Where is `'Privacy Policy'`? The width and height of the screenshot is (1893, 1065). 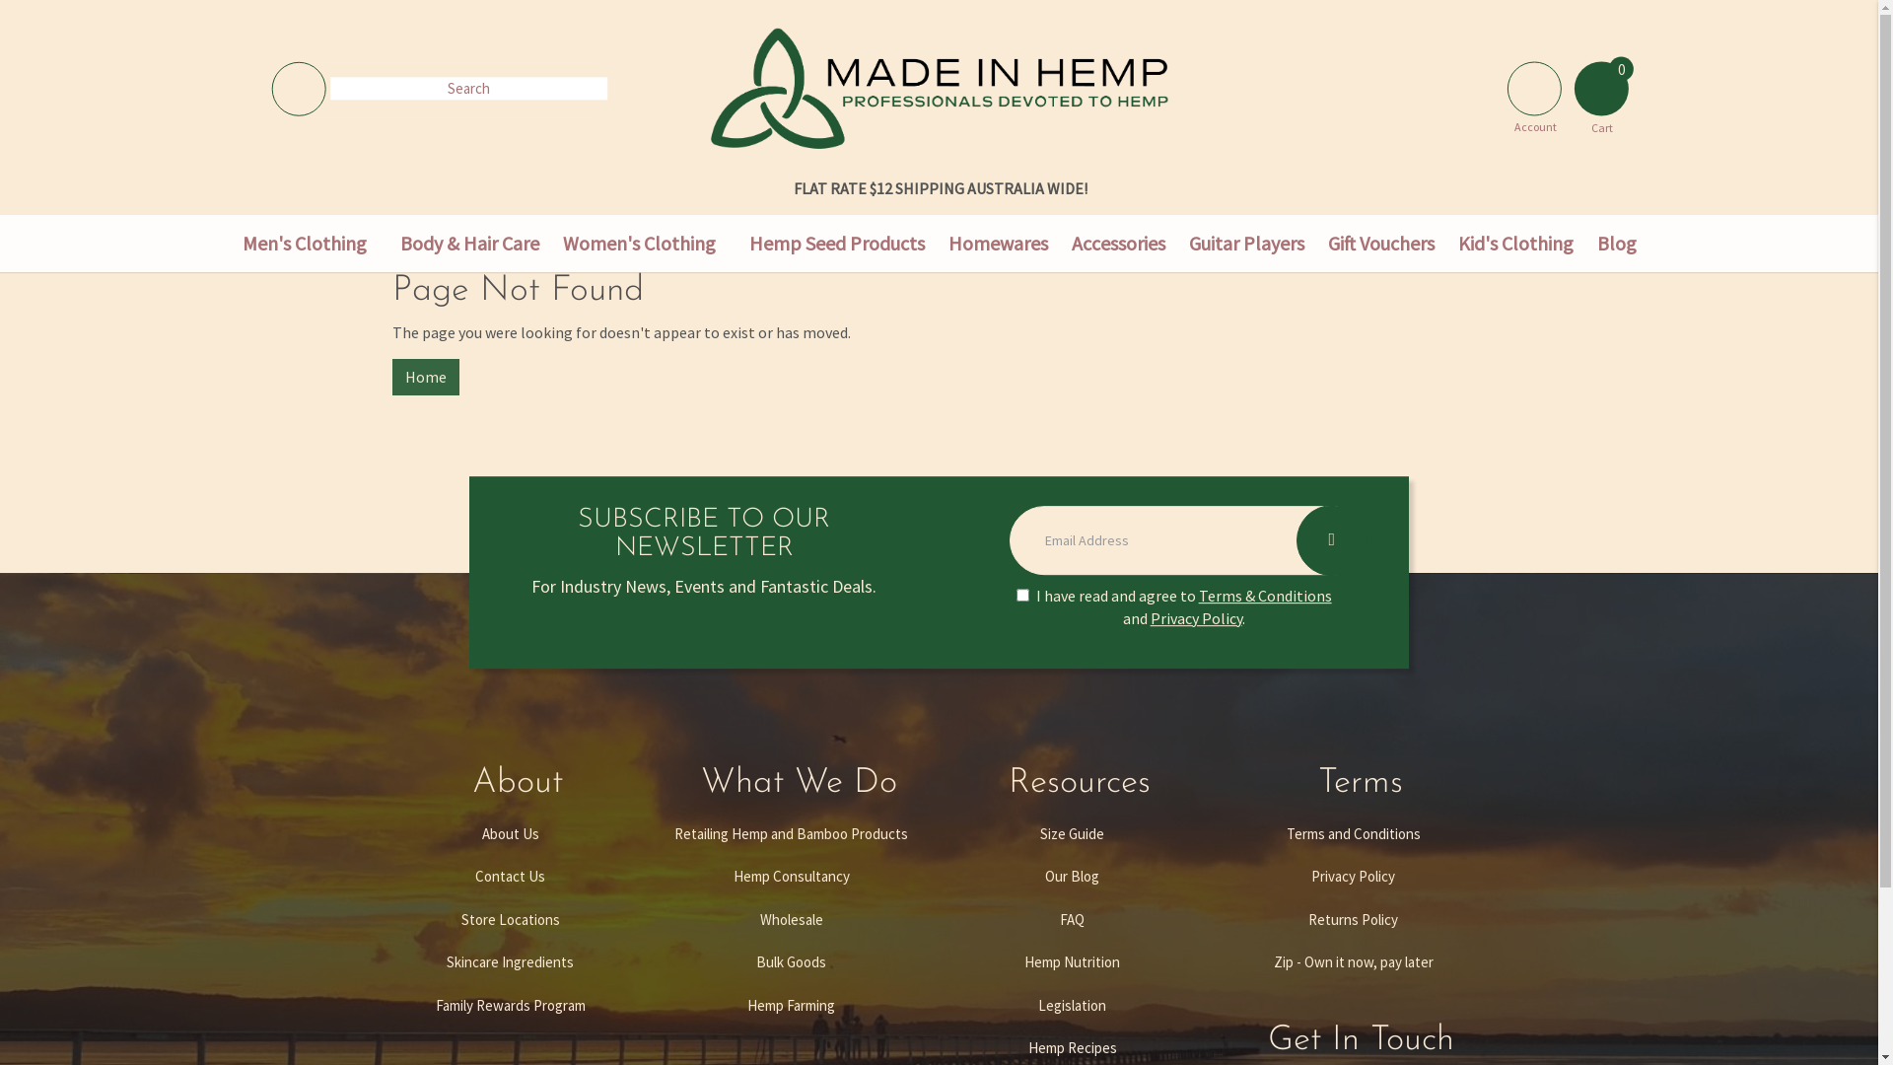
'Privacy Policy' is located at coordinates (1220, 875).